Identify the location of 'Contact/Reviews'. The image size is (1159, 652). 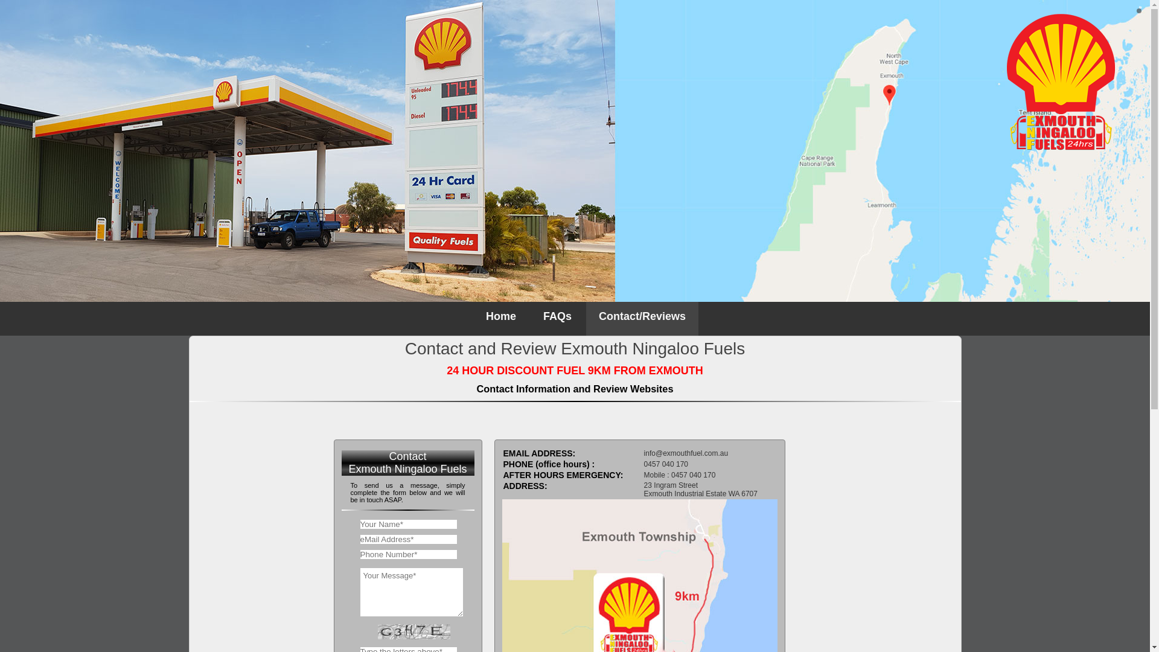
(642, 318).